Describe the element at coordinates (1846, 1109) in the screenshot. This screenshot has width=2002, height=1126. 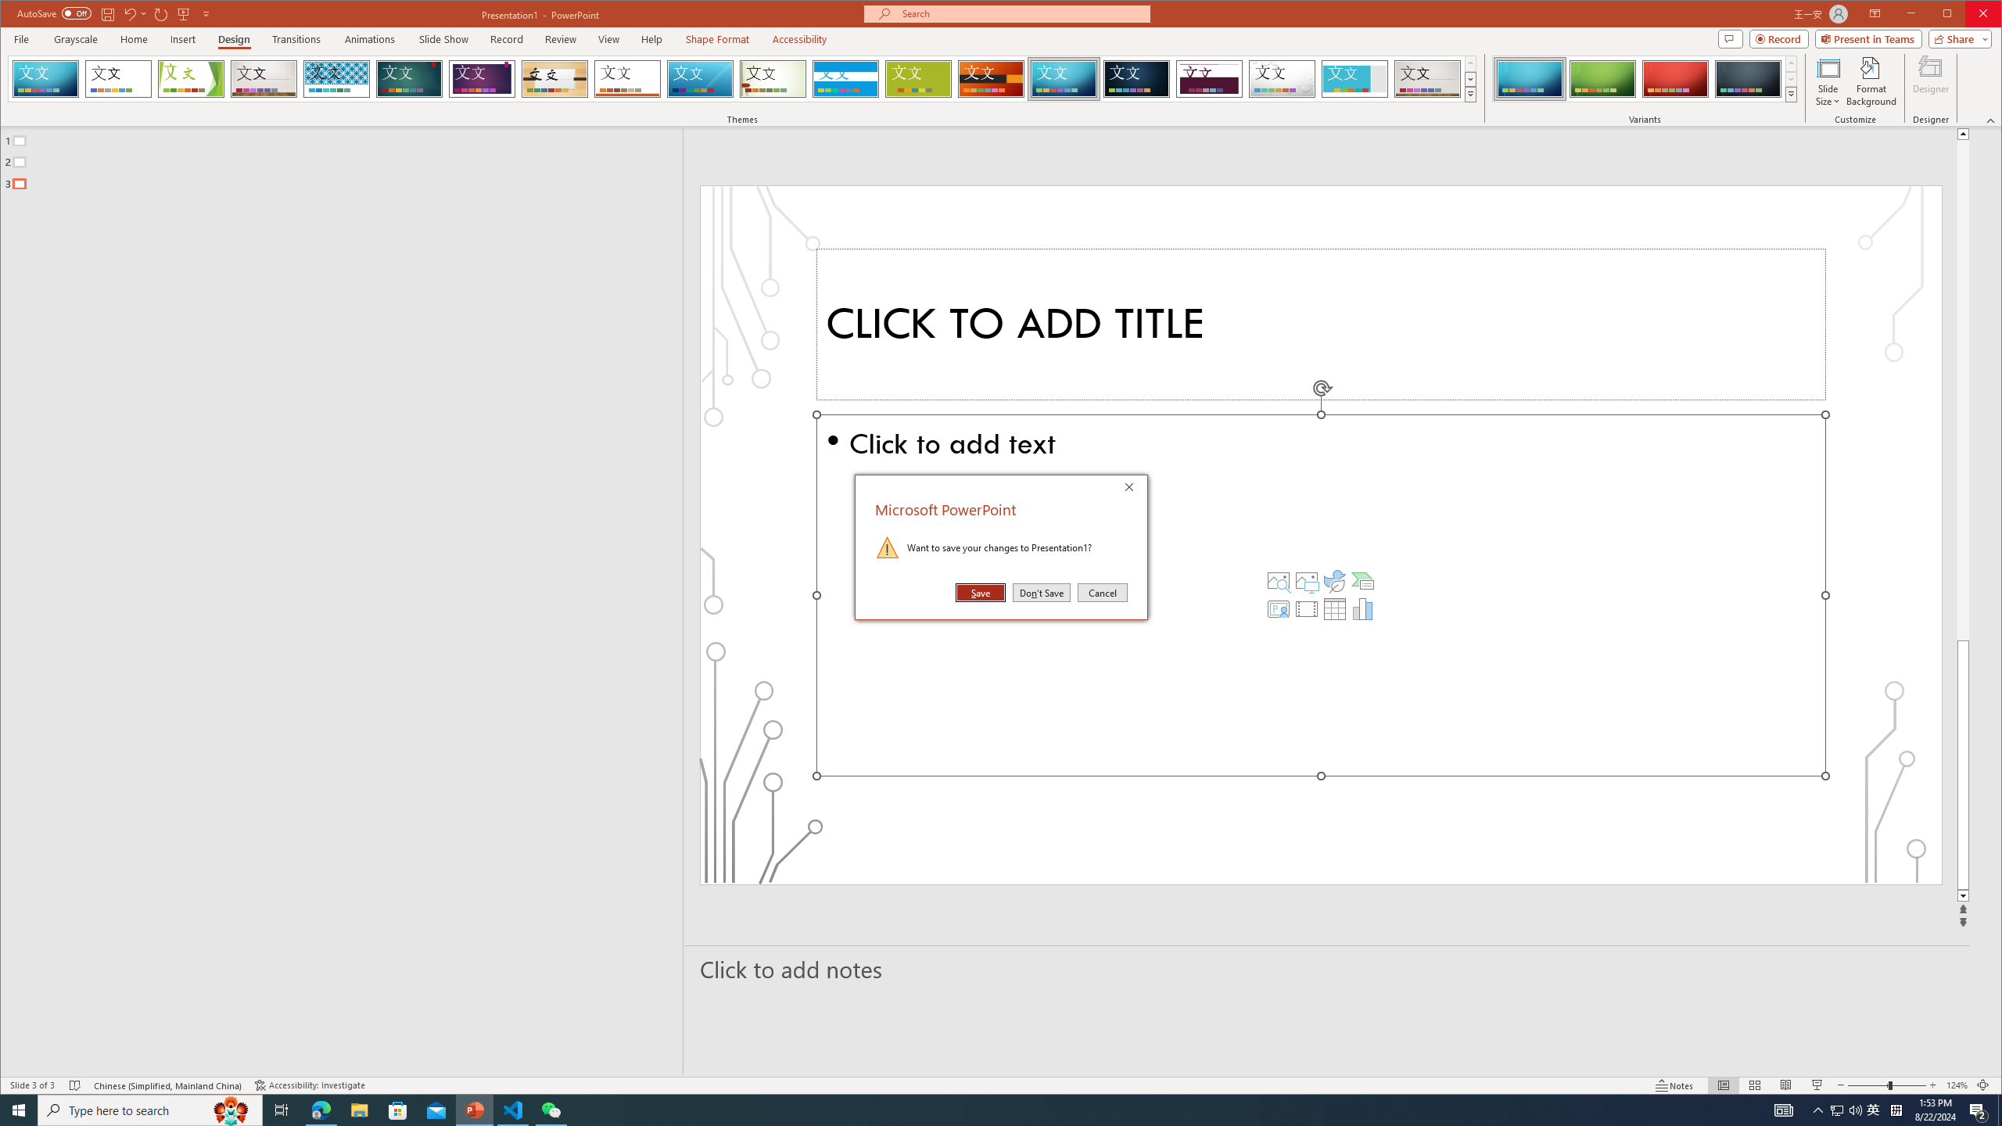
I see `'User Promoted Notification Area'` at that location.